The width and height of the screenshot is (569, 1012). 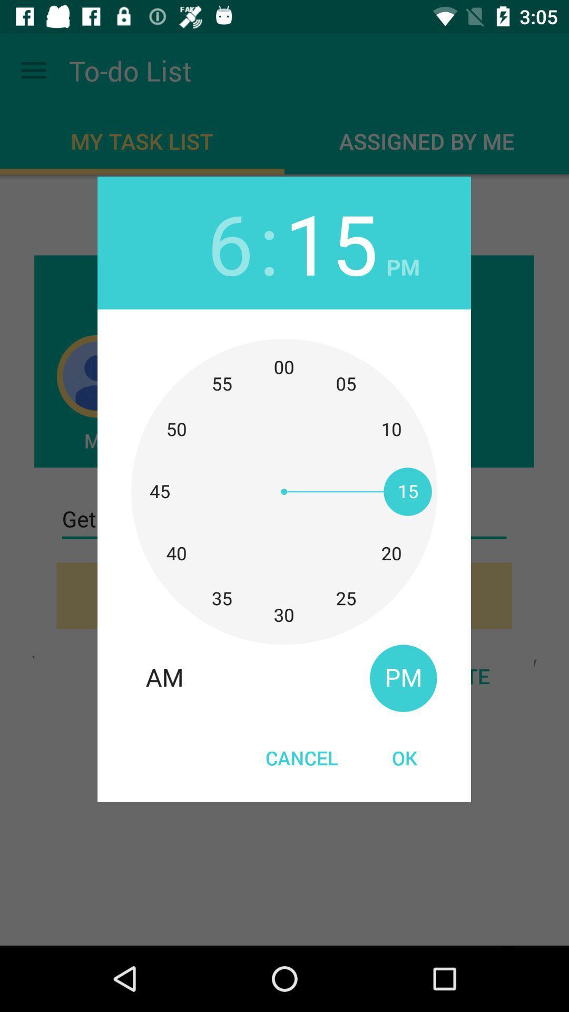 What do you see at coordinates (404, 757) in the screenshot?
I see `the icon next to the cancel item` at bounding box center [404, 757].